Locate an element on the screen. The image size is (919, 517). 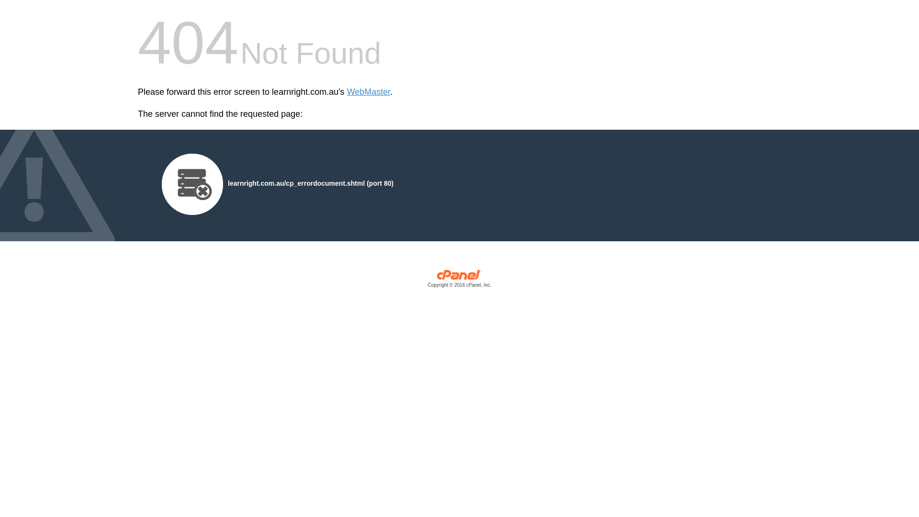
'WebMaster' is located at coordinates (368, 92).